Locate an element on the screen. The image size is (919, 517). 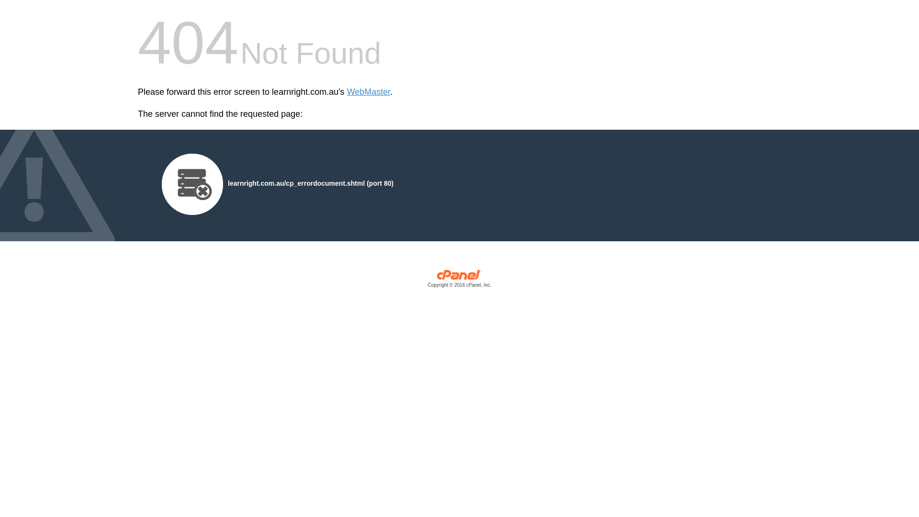
'WebMaster' is located at coordinates (368, 92).